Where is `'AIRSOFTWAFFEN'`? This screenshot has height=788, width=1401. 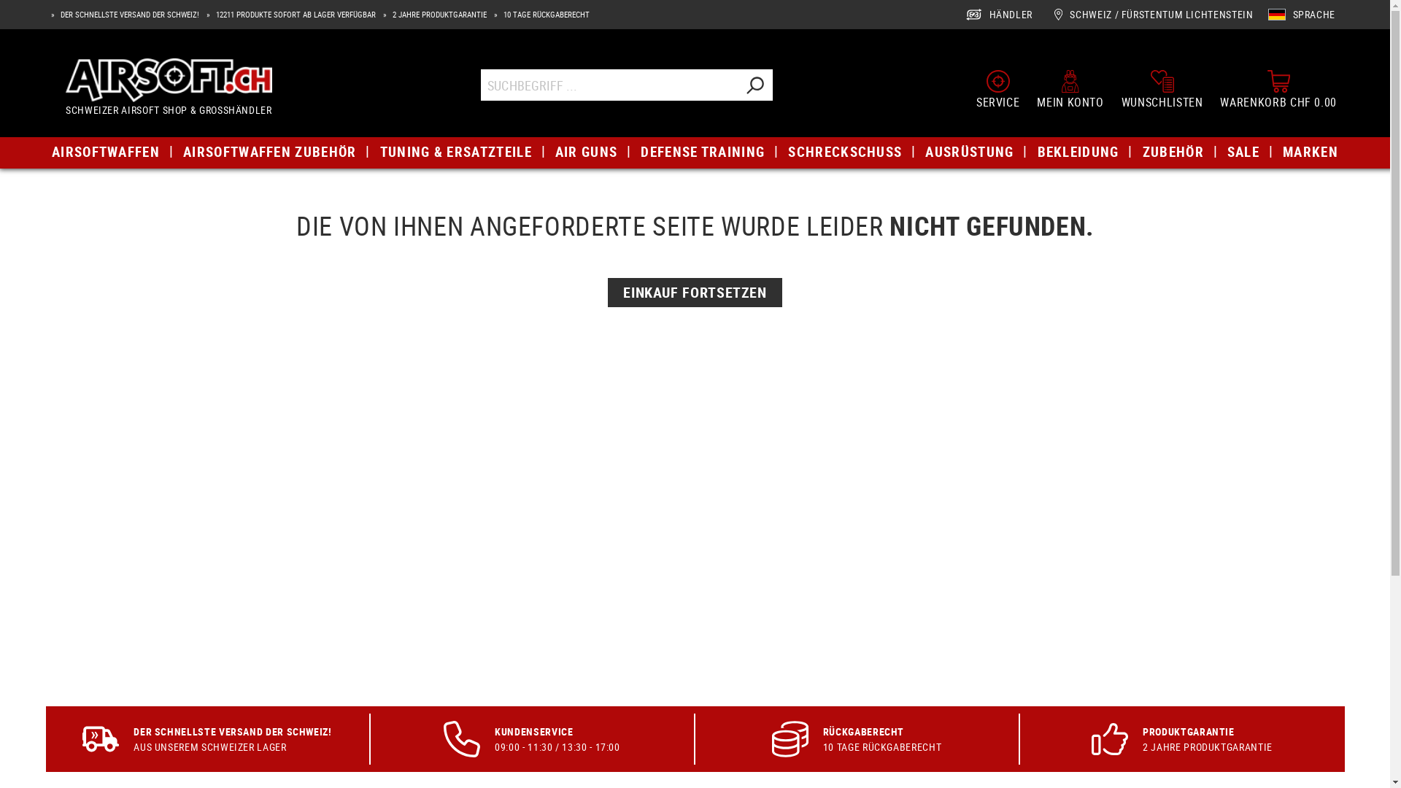 'AIRSOFTWAFFEN' is located at coordinates (104, 152).